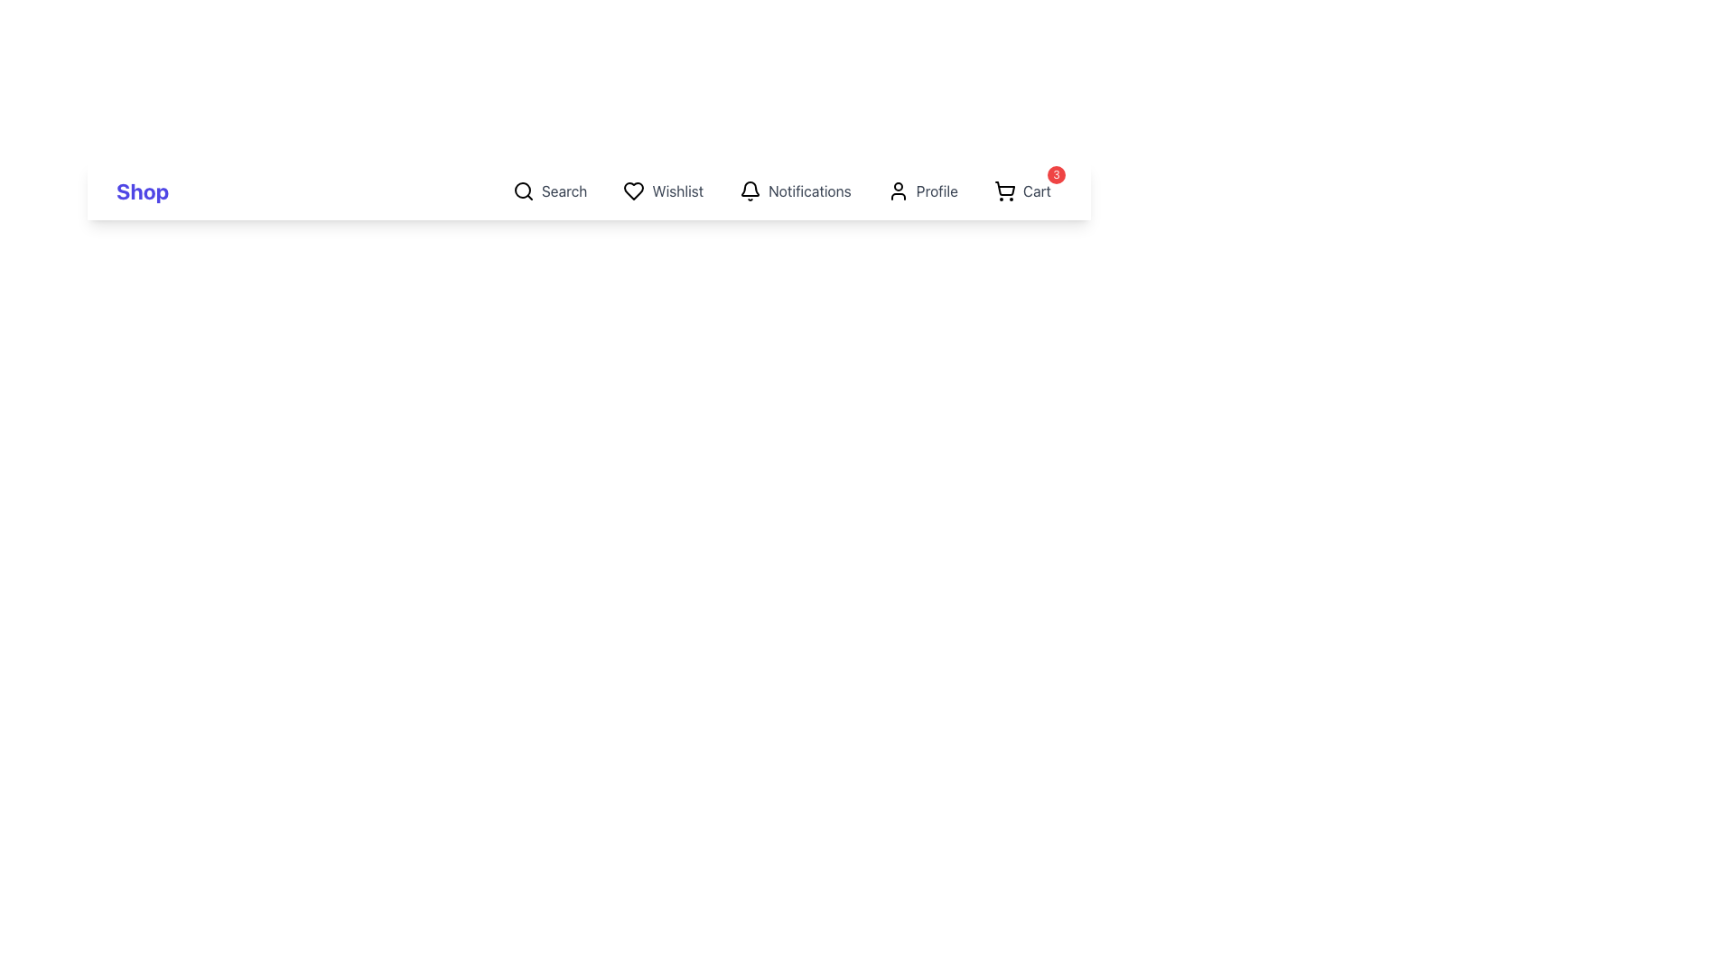 The width and height of the screenshot is (1734, 975). What do you see at coordinates (937, 191) in the screenshot?
I see `the 'Profile' text label in the horizontal navigation menu` at bounding box center [937, 191].